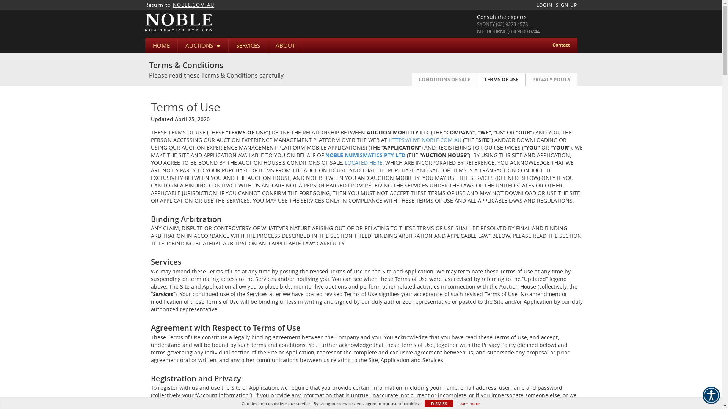 The height and width of the screenshot is (409, 728). What do you see at coordinates (424, 140) in the screenshot?
I see `'HTTPS://LIVE.NOBLE.COM.AU'` at bounding box center [424, 140].